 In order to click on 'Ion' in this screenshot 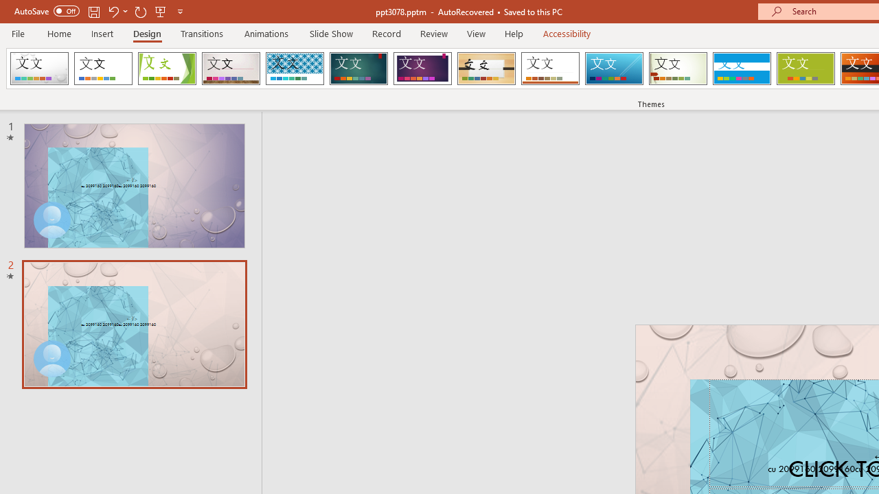, I will do `click(358, 69)`.